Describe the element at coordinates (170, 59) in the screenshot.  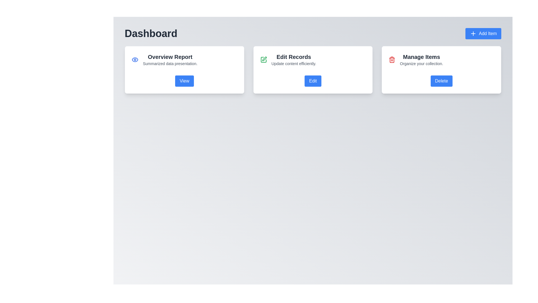
I see `title 'Overview Report' and subtitle 'Summarized data presentation.' from the text content located in the first card of the Dashboard interface, above the blue button labeled 'View'` at that location.